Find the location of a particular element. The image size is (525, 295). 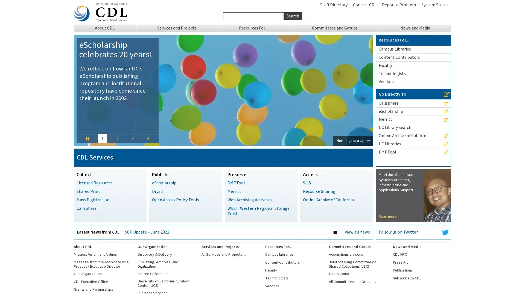

Search is located at coordinates (292, 16).